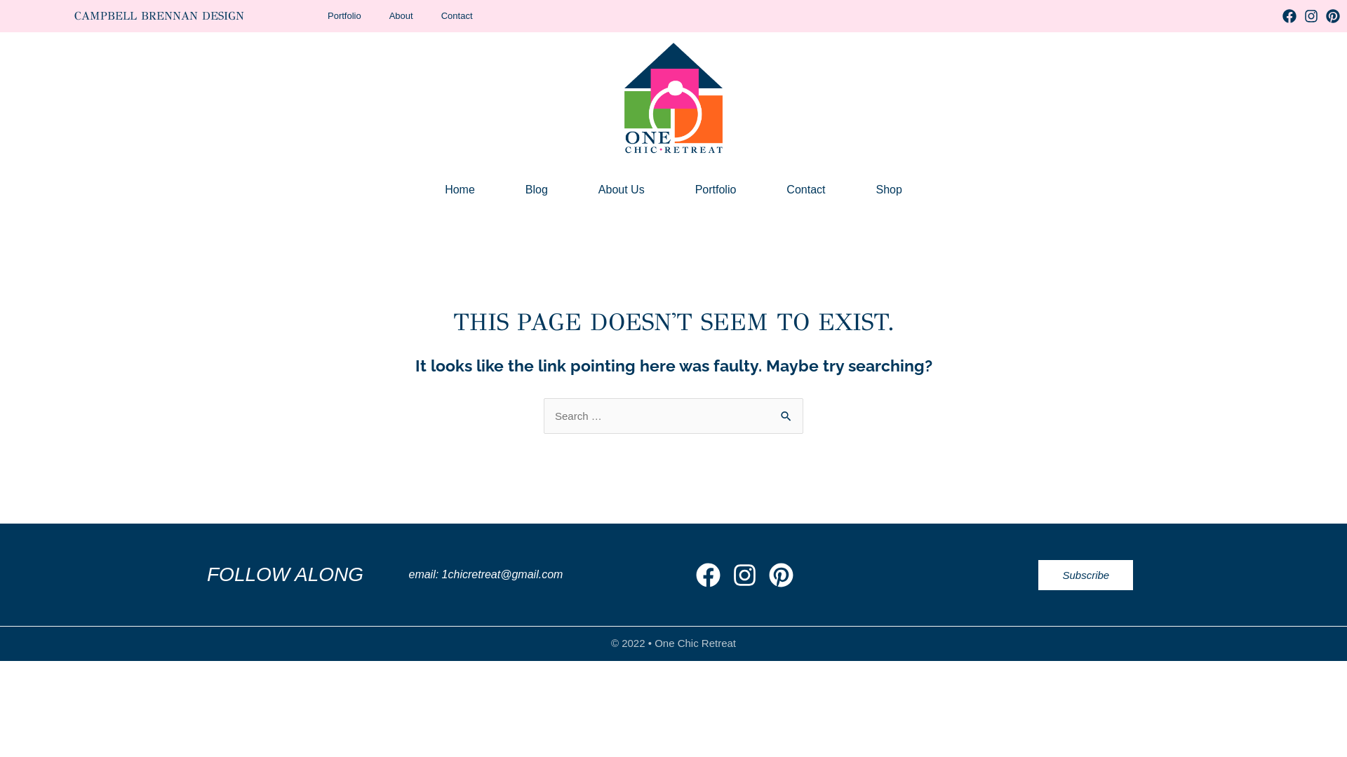 This screenshot has width=1347, height=757. I want to click on 'Portfolio', so click(716, 189).